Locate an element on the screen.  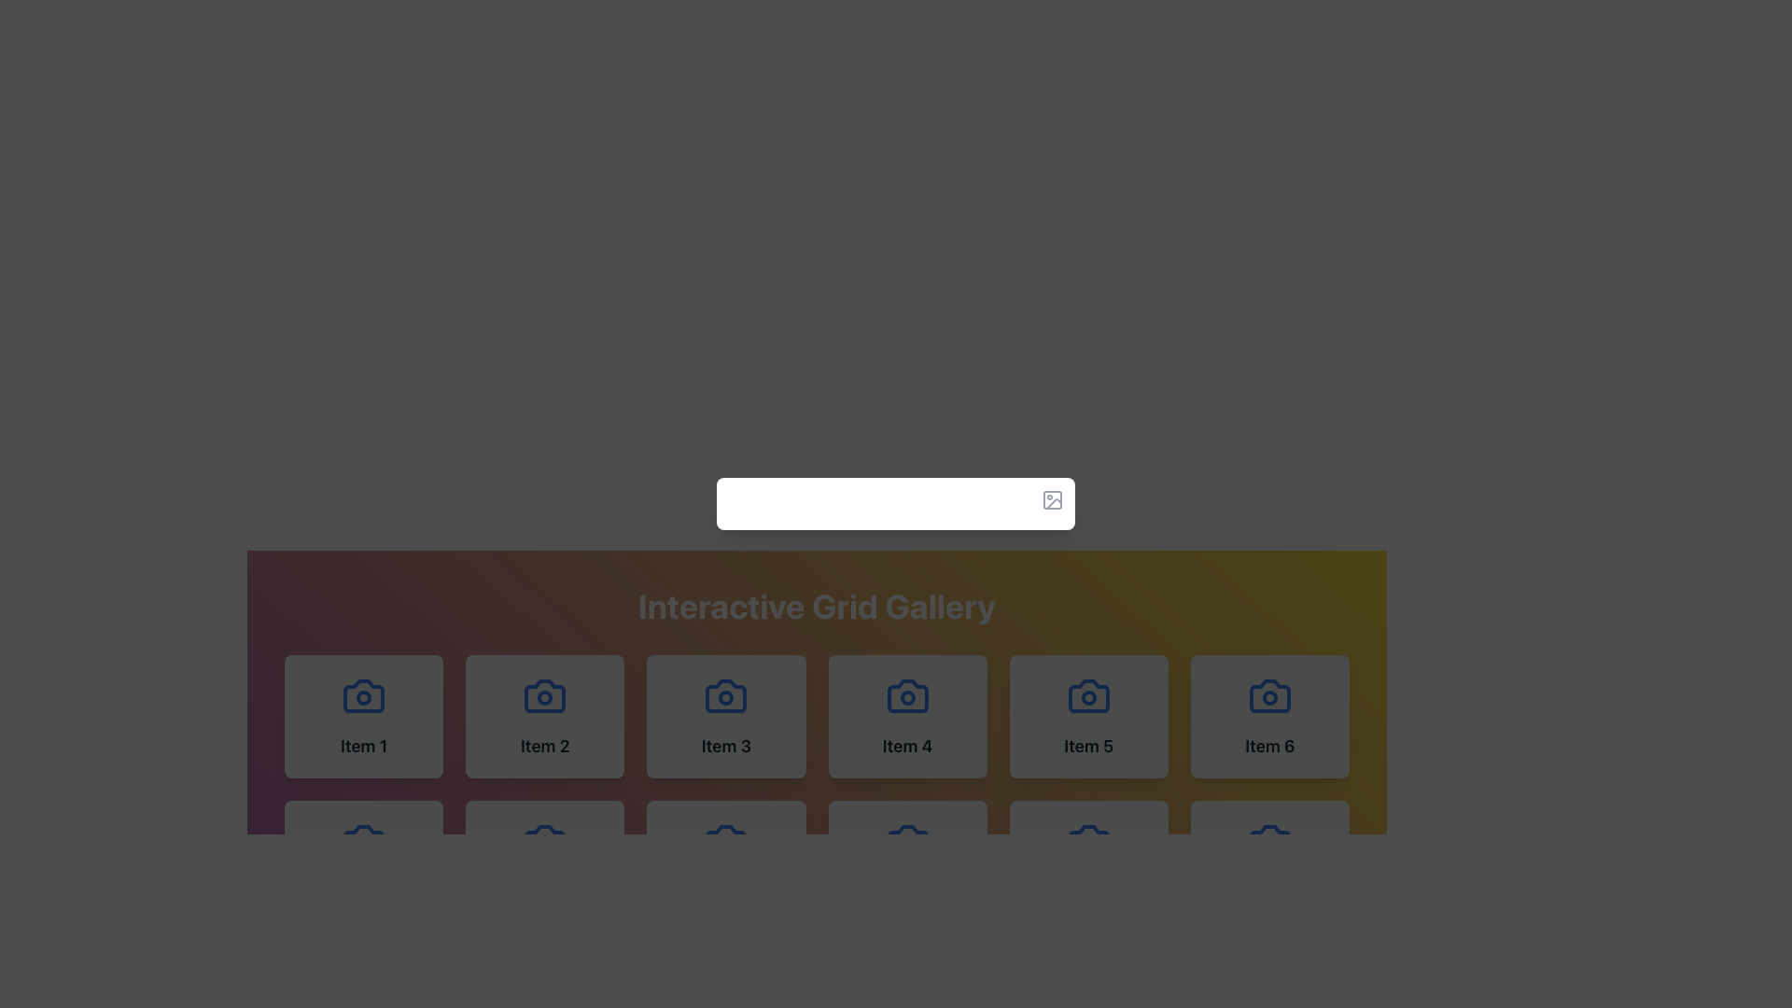
to select or interact with the Card element, which is the third item in the first row of a grid gallery, located after 'Item 2' and before 'Item 4' is located at coordinates (725, 715).